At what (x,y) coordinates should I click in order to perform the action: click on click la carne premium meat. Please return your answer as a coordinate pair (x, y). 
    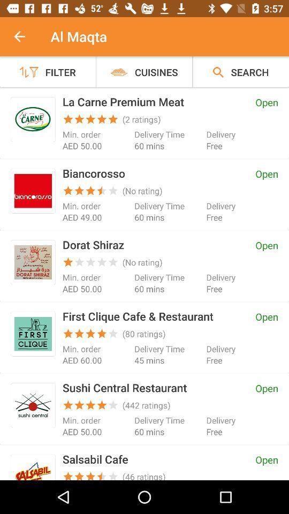
    Looking at the image, I should click on (33, 119).